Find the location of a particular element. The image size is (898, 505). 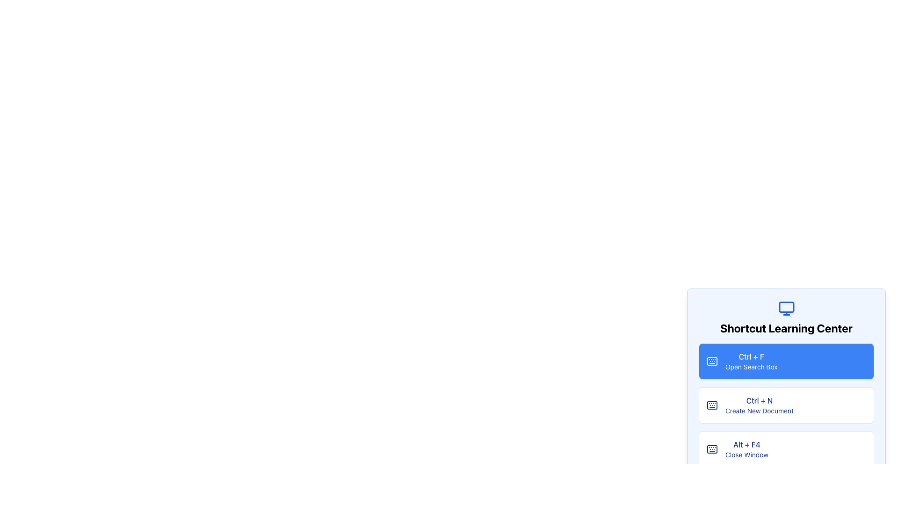

the Text Label displaying the keyboard shortcut 'Ctrl + F' and its function 'Open Search Box', which is the first item in the vertical list of shortcut descriptions in the 'Shortcut Learning Center' module is located at coordinates (751, 361).